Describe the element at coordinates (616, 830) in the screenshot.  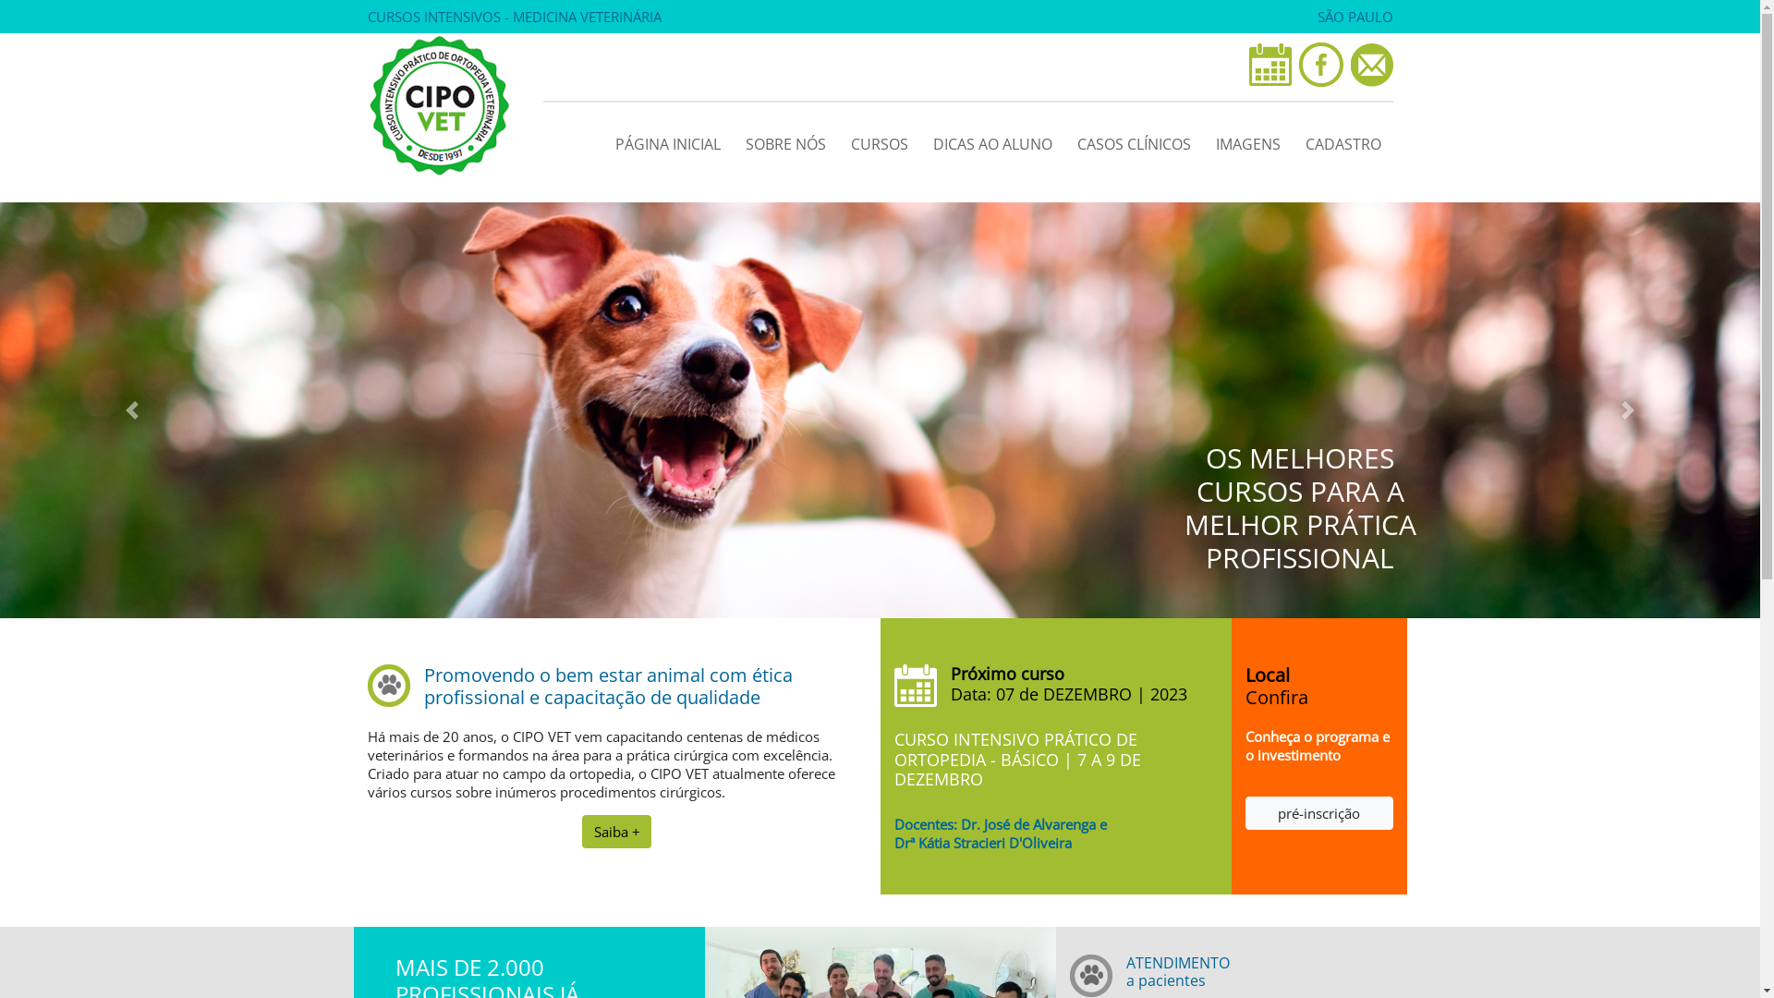
I see `'Saiba +'` at that location.